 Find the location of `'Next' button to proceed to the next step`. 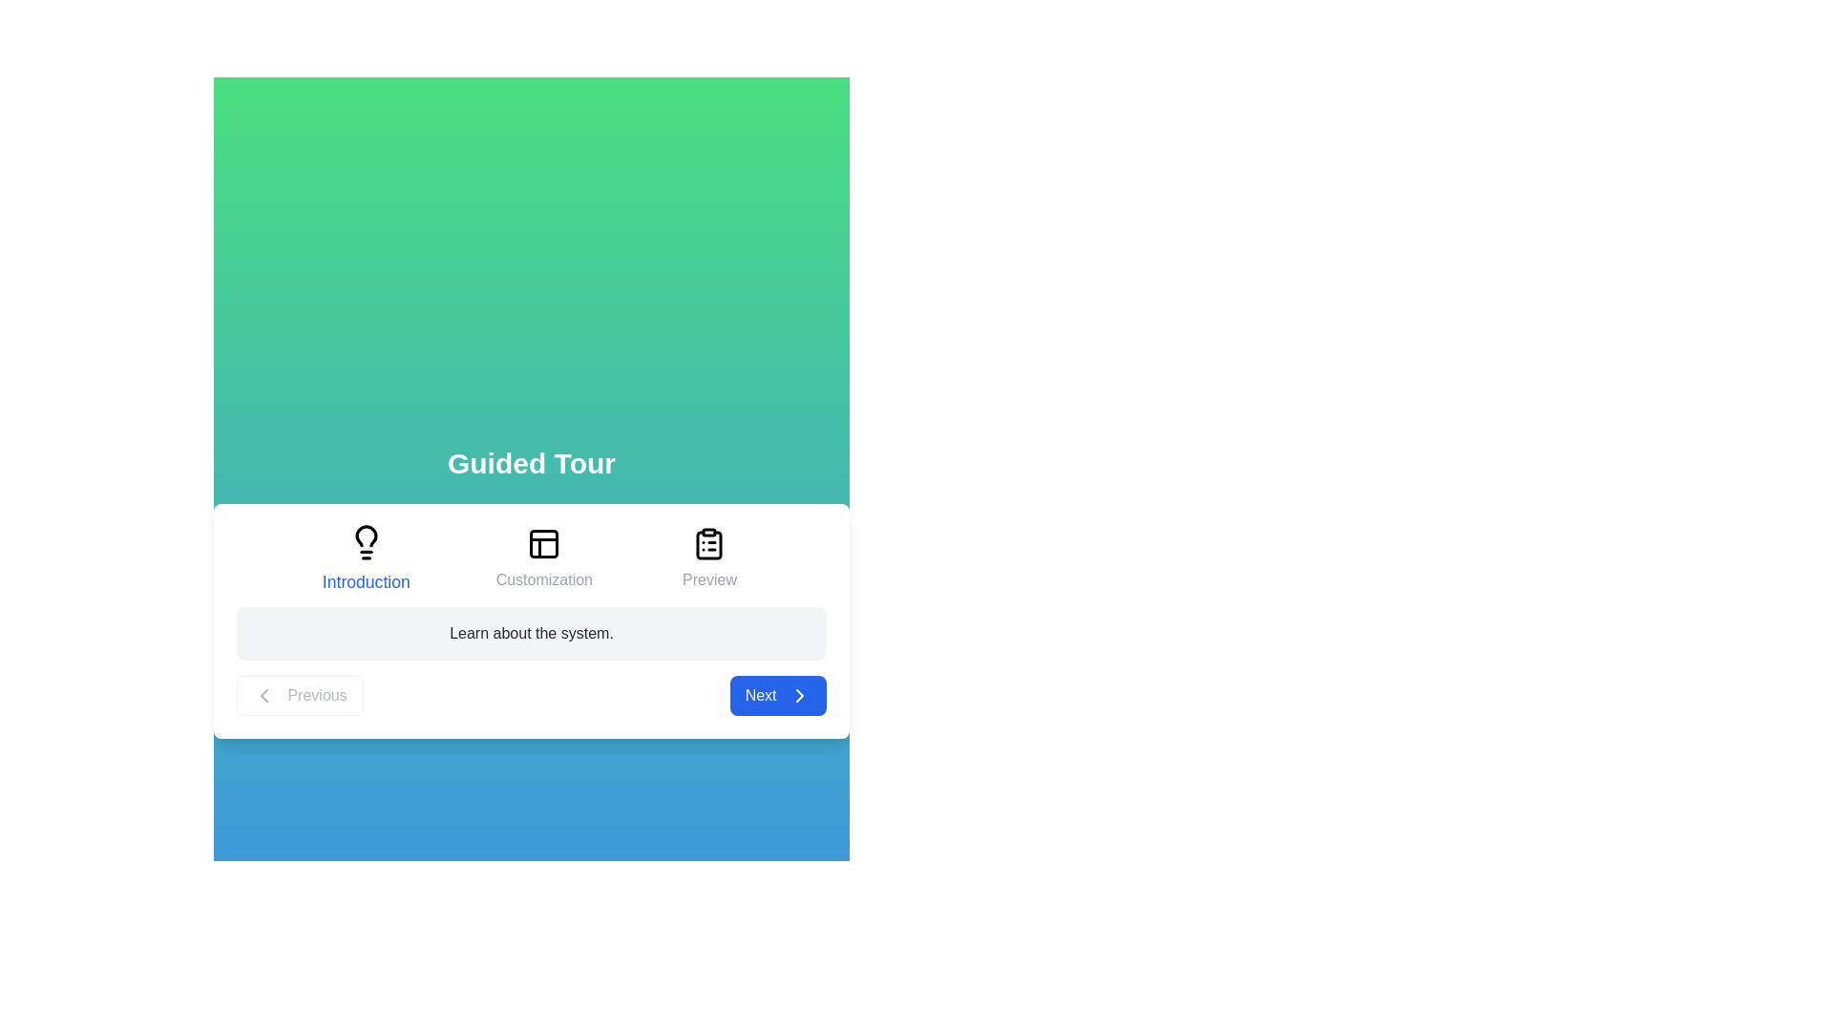

'Next' button to proceed to the next step is located at coordinates (778, 696).